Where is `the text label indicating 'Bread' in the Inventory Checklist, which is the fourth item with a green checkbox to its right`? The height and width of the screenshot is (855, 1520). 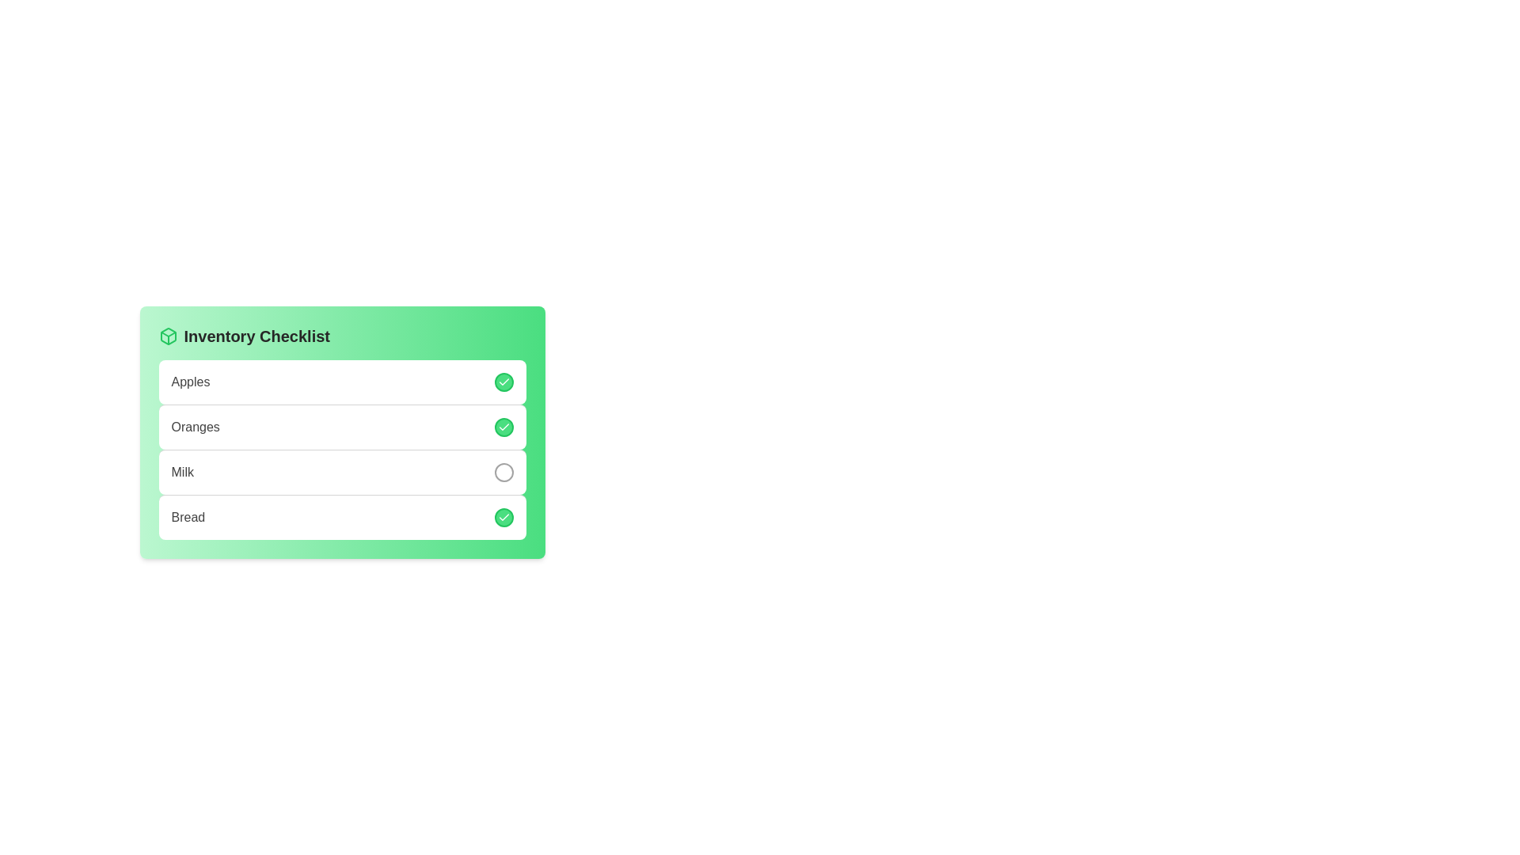
the text label indicating 'Bread' in the Inventory Checklist, which is the fourth item with a green checkbox to its right is located at coordinates (188, 518).